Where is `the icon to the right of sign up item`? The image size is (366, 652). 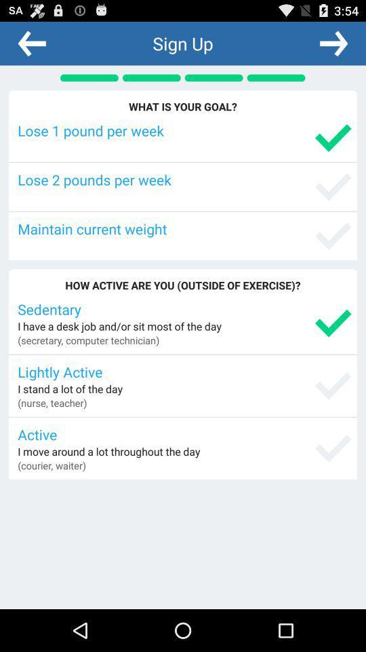
the icon to the right of sign up item is located at coordinates (333, 43).